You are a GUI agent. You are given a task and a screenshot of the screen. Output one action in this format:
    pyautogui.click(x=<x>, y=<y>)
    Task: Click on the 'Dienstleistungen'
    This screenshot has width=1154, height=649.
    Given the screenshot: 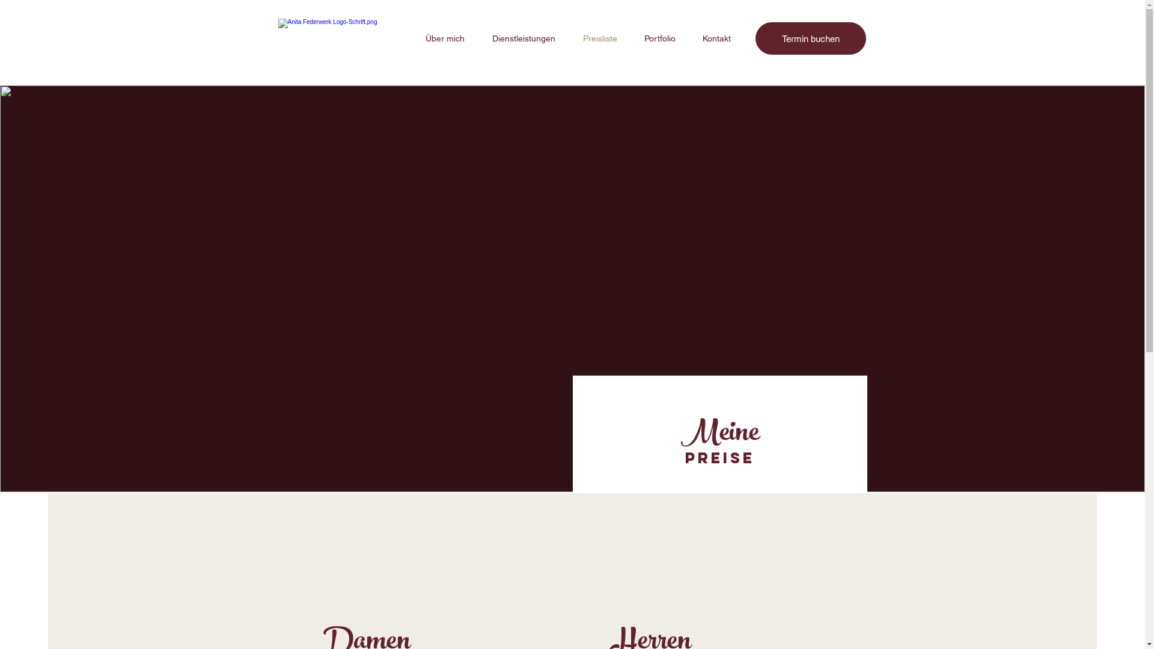 What is the action you would take?
    pyautogui.click(x=524, y=38)
    